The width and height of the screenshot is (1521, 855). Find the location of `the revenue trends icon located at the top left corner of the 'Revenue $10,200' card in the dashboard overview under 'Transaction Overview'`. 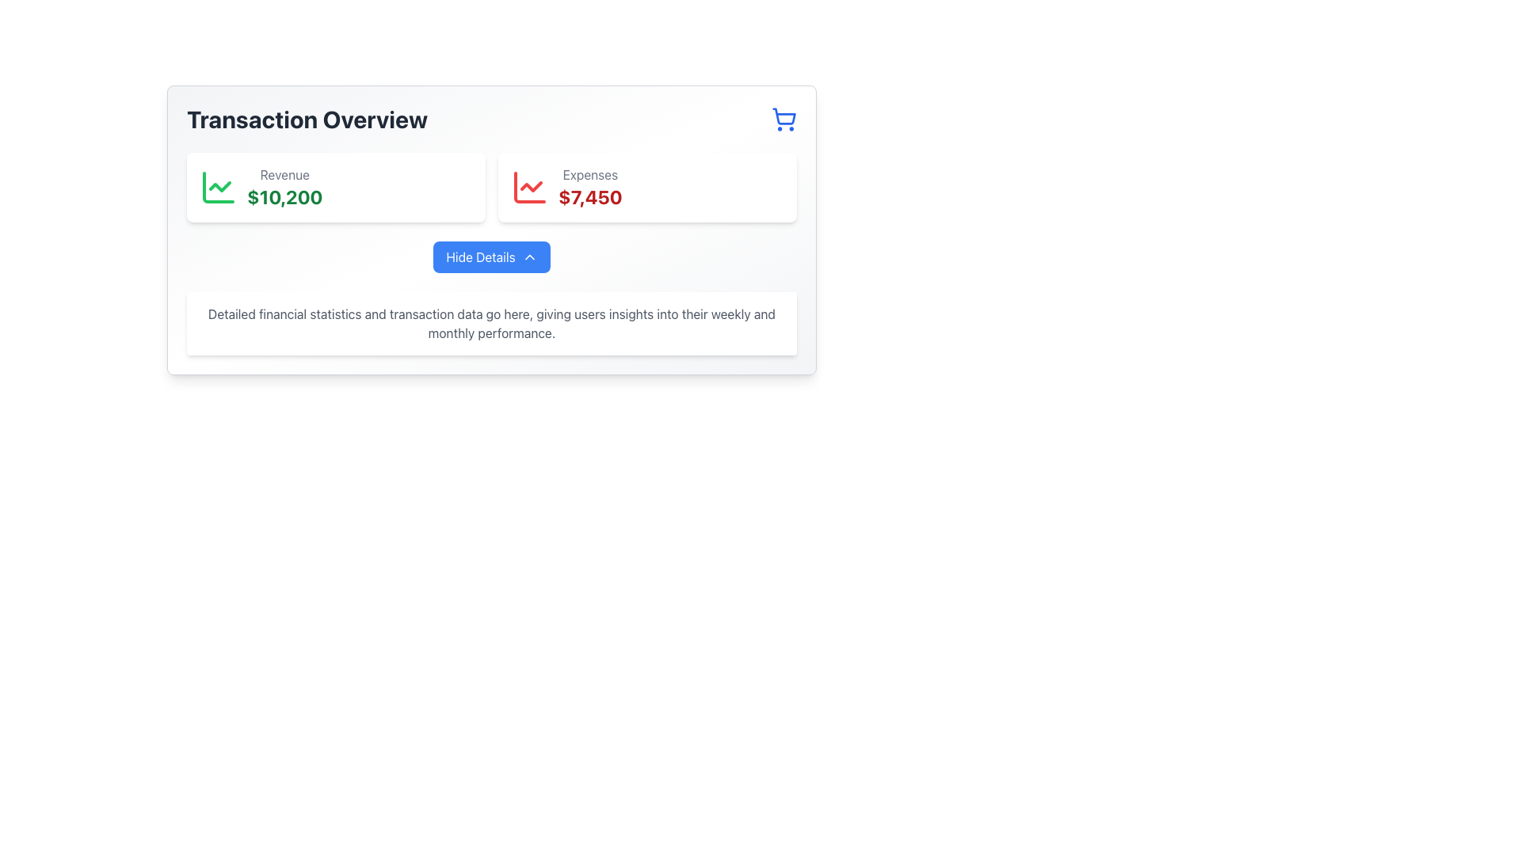

the revenue trends icon located at the top left corner of the 'Revenue $10,200' card in the dashboard overview under 'Transaction Overview' is located at coordinates (217, 186).